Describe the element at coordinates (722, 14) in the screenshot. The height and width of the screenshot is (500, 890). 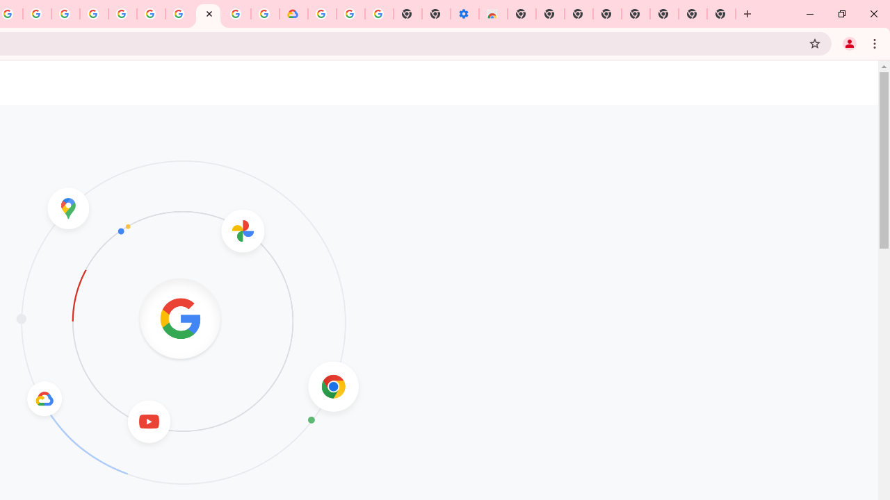
I see `'New Tab'` at that location.